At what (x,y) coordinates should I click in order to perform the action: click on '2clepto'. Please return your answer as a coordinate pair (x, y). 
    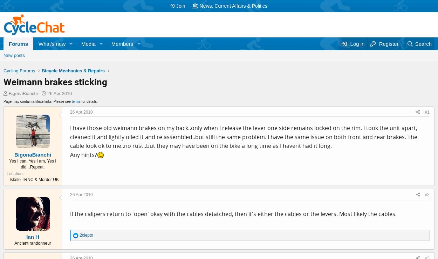
    Looking at the image, I should click on (86, 235).